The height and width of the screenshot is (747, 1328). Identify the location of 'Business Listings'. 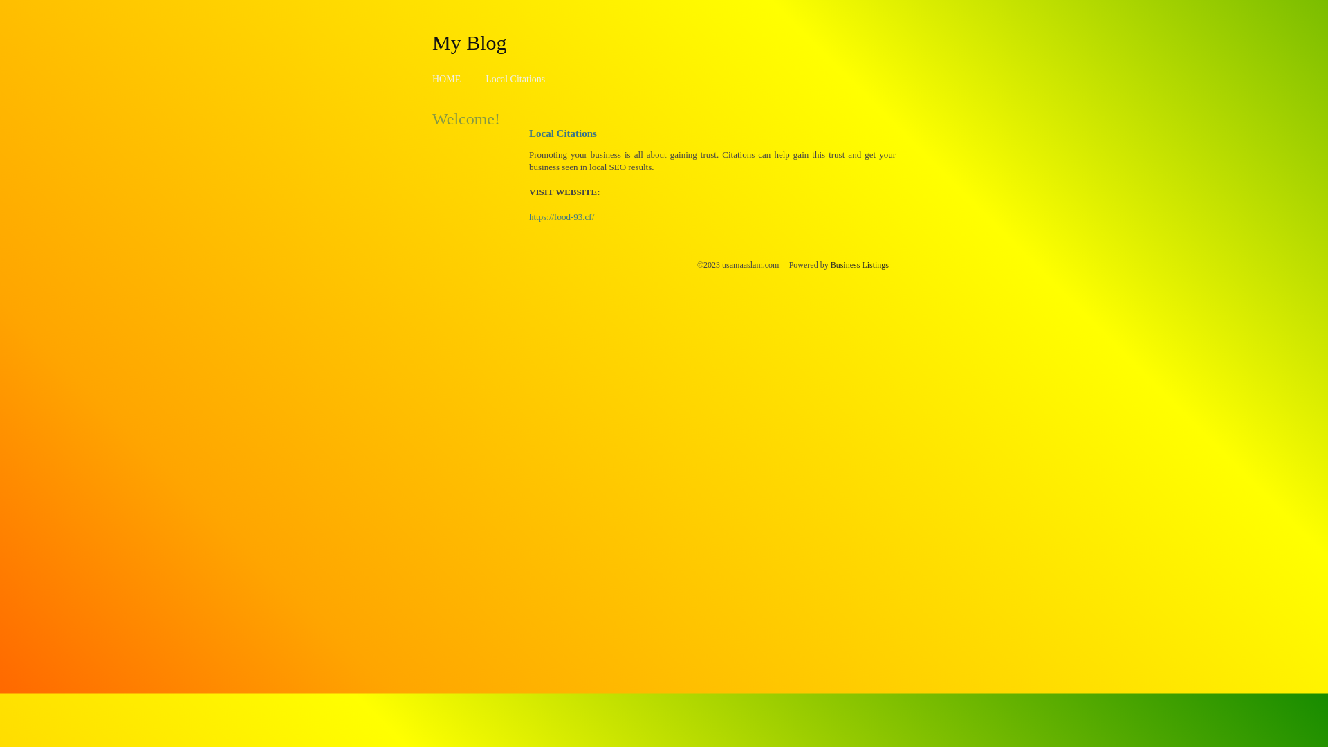
(859, 264).